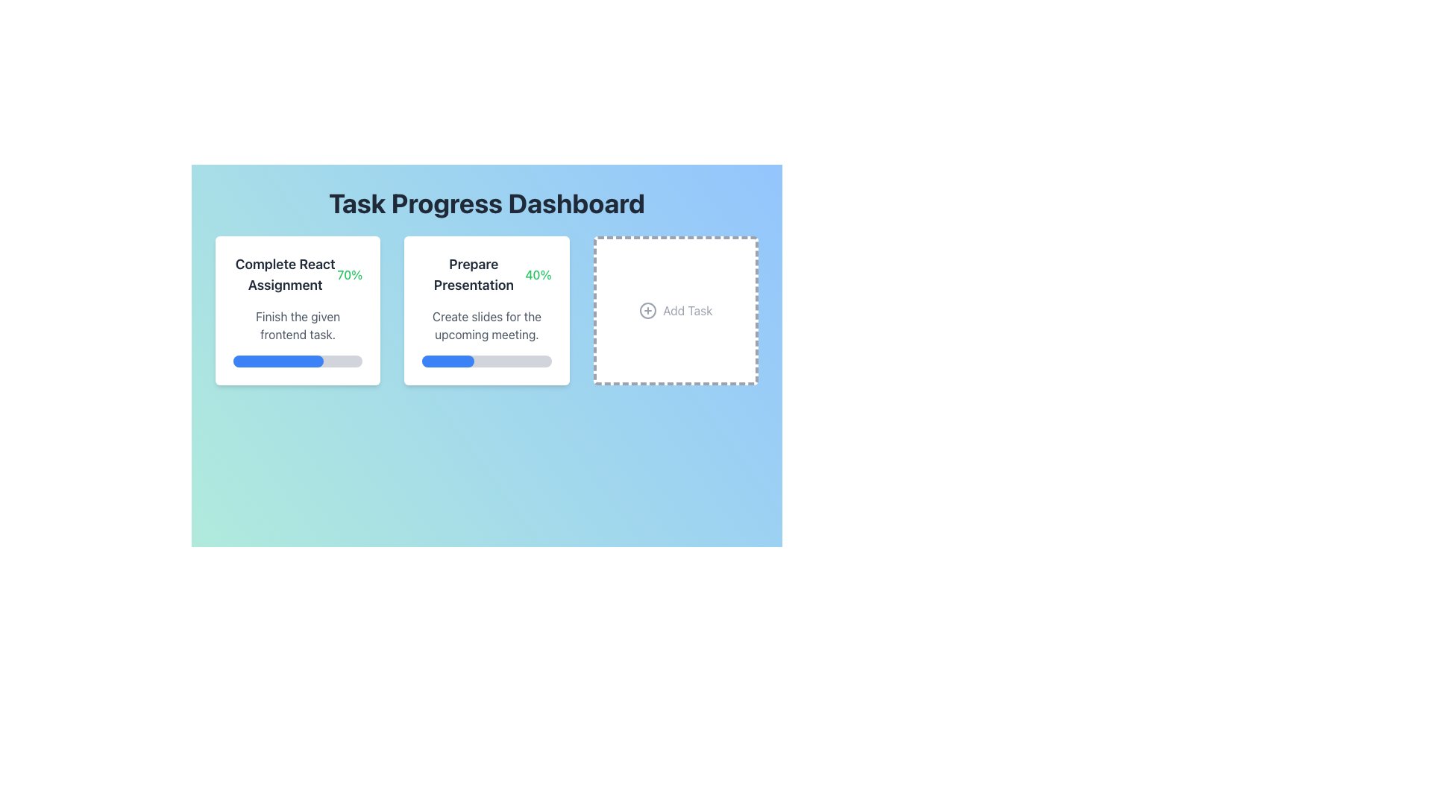 Image resolution: width=1432 pixels, height=805 pixels. What do you see at coordinates (648, 309) in the screenshot?
I see `the Circle (SVG) element that visually represents a part of the 'Add Task' icon, which is located near the right side of the layout` at bounding box center [648, 309].